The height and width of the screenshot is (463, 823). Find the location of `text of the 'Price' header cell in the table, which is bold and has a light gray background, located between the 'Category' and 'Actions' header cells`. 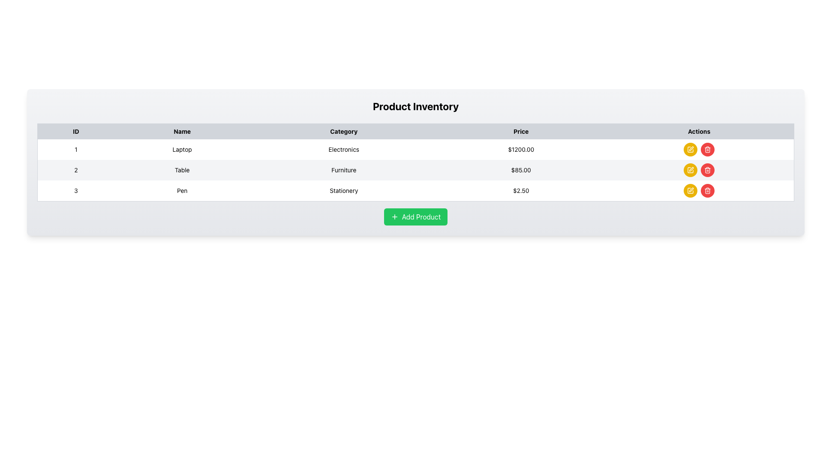

text of the 'Price' header cell in the table, which is bold and has a light gray background, located between the 'Category' and 'Actions' header cells is located at coordinates (520, 131).